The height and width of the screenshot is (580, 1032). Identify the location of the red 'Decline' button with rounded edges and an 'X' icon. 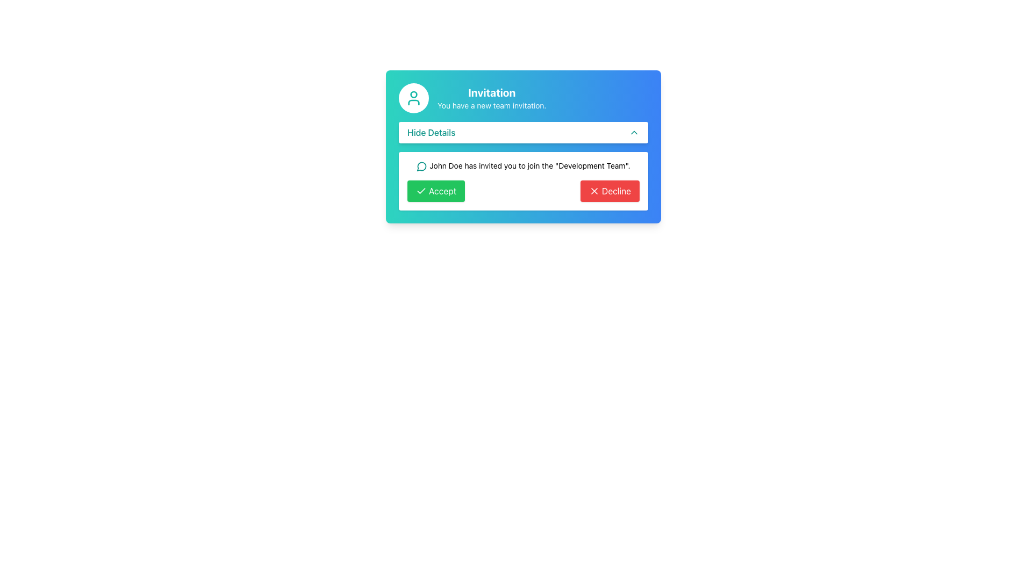
(610, 191).